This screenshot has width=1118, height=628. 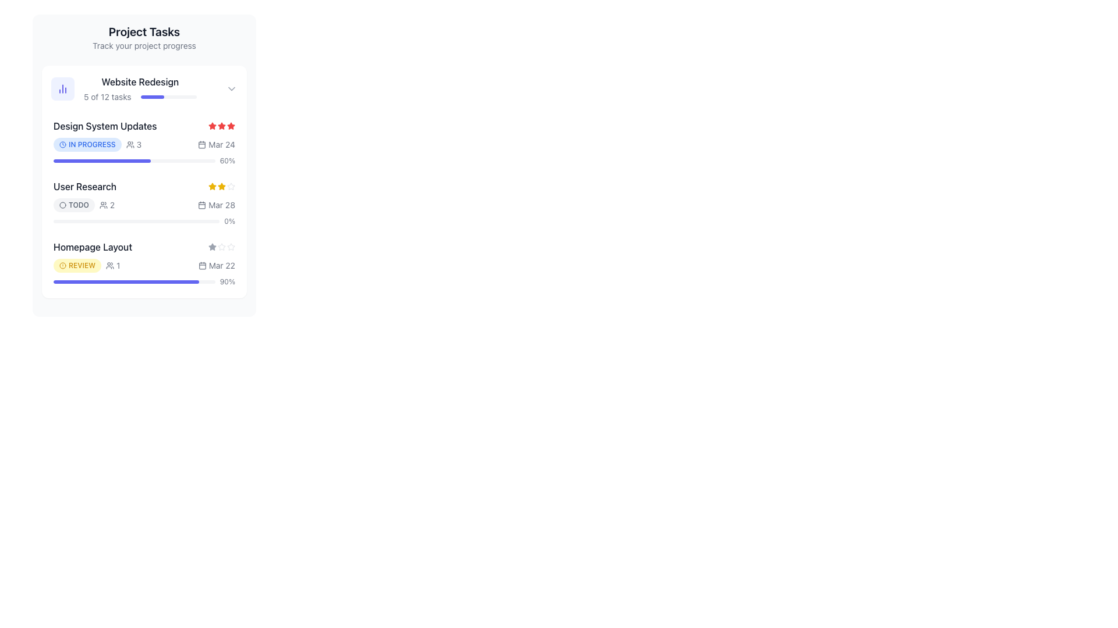 I want to click on the Status badge indicating the pending status of the 'User Research' task, located in the 'User Research' section of the 'Project Tasks' card, positioned to the left of the number '2', so click(x=73, y=205).